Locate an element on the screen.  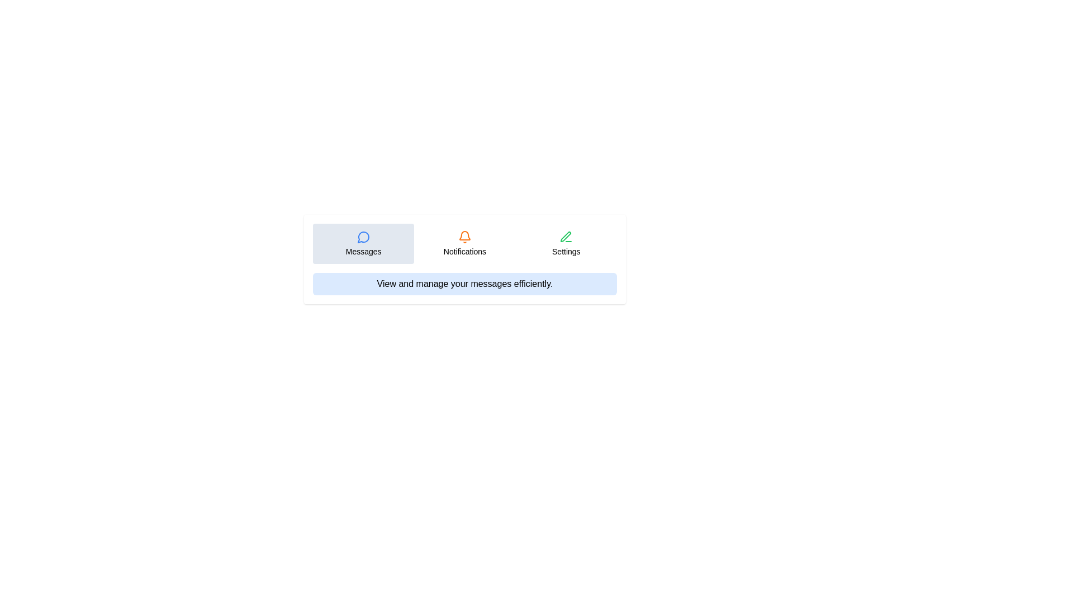
the tab labeled Messages is located at coordinates (363, 243).